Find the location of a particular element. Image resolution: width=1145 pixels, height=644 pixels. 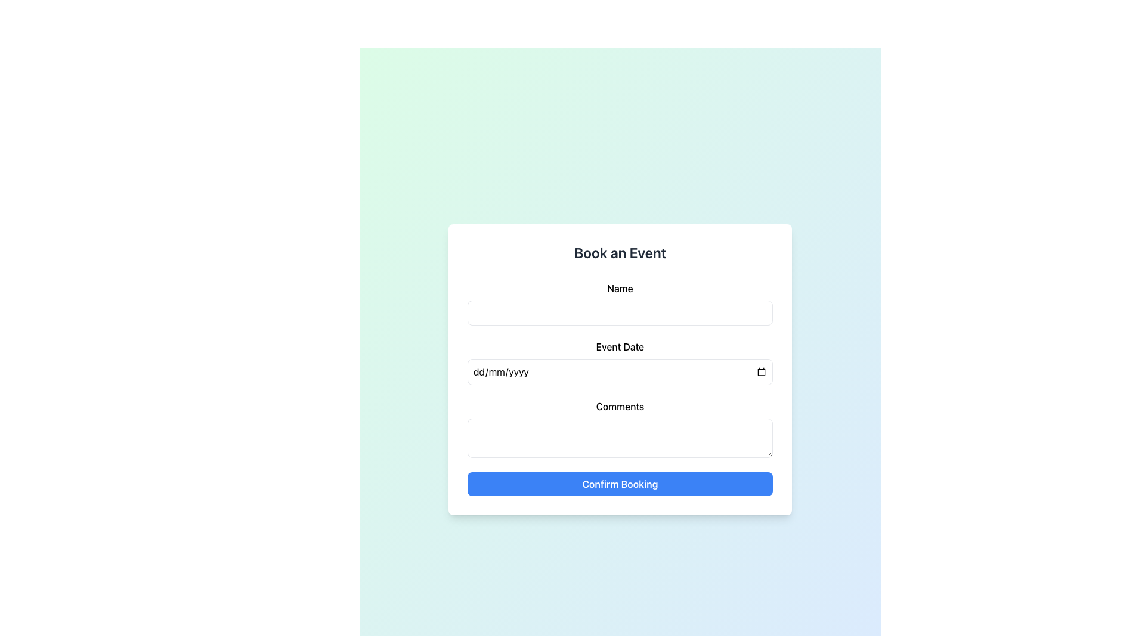

text label displaying 'Name' which is prominently styled and located above the text input field is located at coordinates (620, 288).